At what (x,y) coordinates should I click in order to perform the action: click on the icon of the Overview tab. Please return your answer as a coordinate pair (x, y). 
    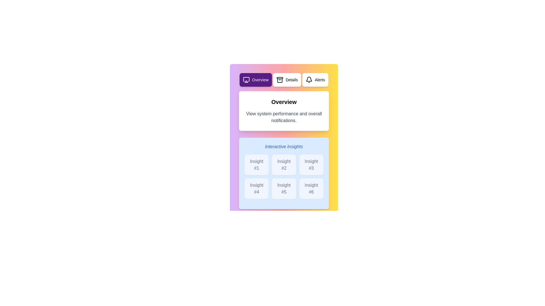
    Looking at the image, I should click on (246, 80).